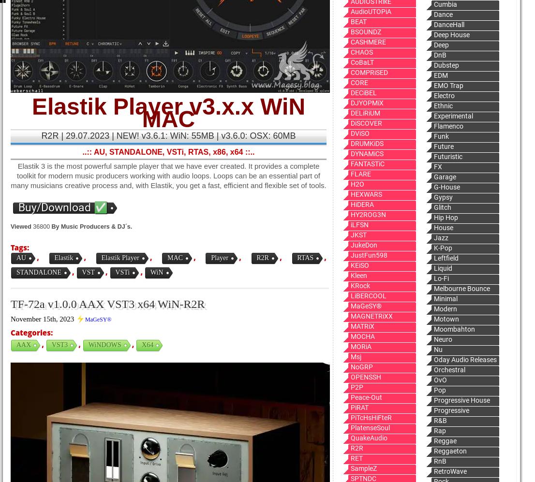  What do you see at coordinates (23, 344) in the screenshot?
I see `'AAX'` at bounding box center [23, 344].